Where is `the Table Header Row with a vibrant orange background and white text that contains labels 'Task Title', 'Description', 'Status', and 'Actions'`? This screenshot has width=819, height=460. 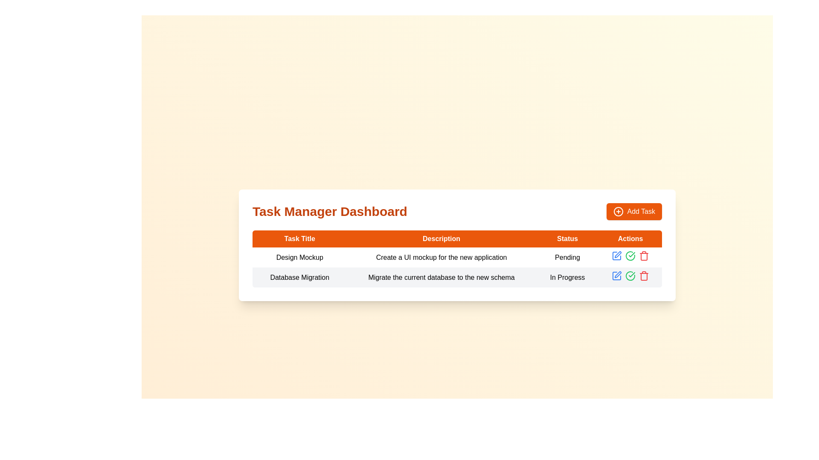 the Table Header Row with a vibrant orange background and white text that contains labels 'Task Title', 'Description', 'Status', and 'Actions' is located at coordinates (456, 239).